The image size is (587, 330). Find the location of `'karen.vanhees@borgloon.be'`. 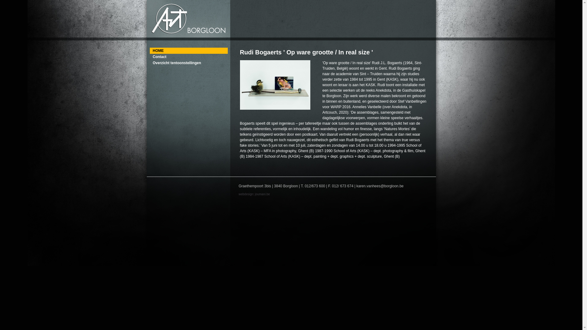

'karen.vanhees@borgloon.be' is located at coordinates (380, 186).